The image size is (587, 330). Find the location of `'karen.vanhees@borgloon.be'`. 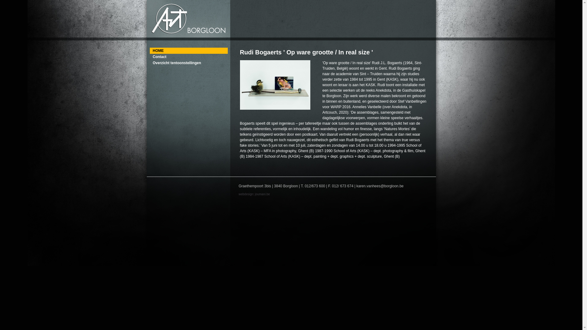

'karen.vanhees@borgloon.be' is located at coordinates (380, 186).